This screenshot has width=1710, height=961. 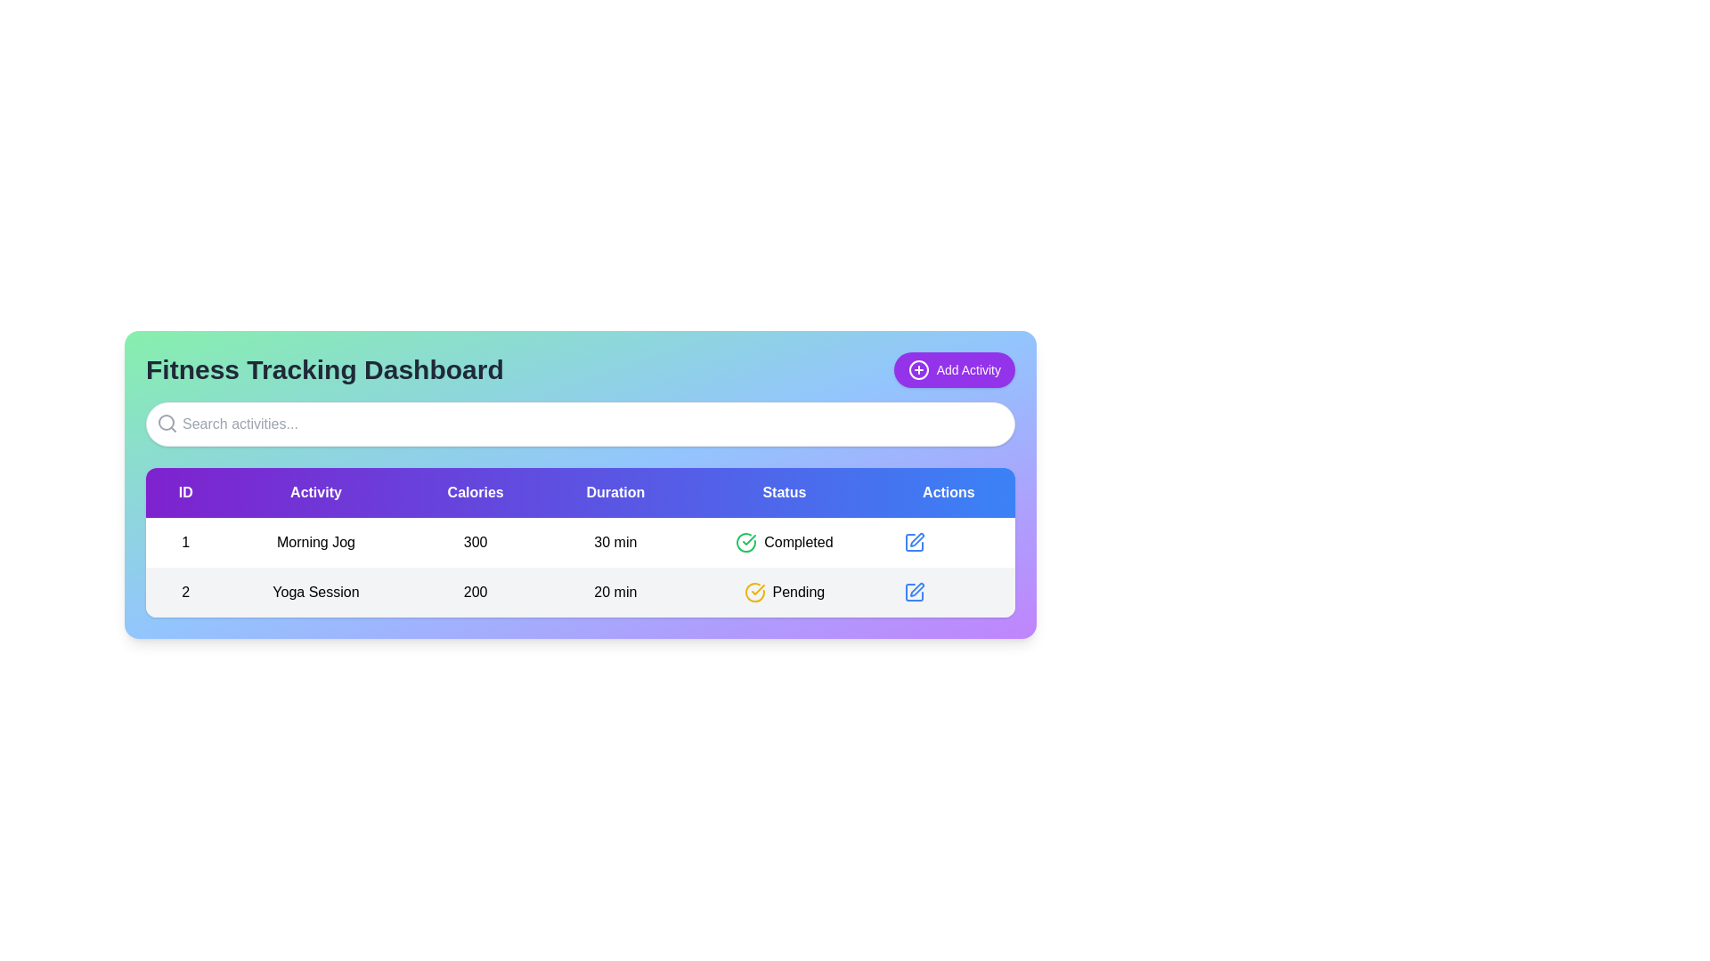 I want to click on the green checkmark icon, which denotes a positive or completed status, located in the 'Completed' column of the first row in the table, so click(x=749, y=538).